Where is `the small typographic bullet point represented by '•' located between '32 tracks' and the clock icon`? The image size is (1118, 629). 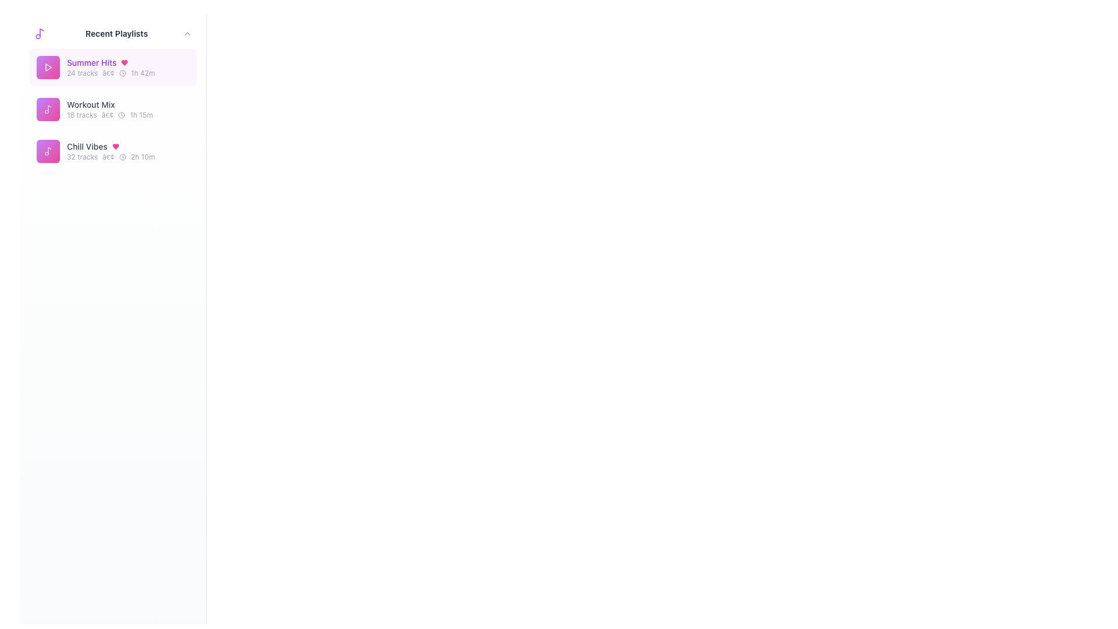 the small typographic bullet point represented by '•' located between '32 tracks' and the clock icon is located at coordinates (108, 157).